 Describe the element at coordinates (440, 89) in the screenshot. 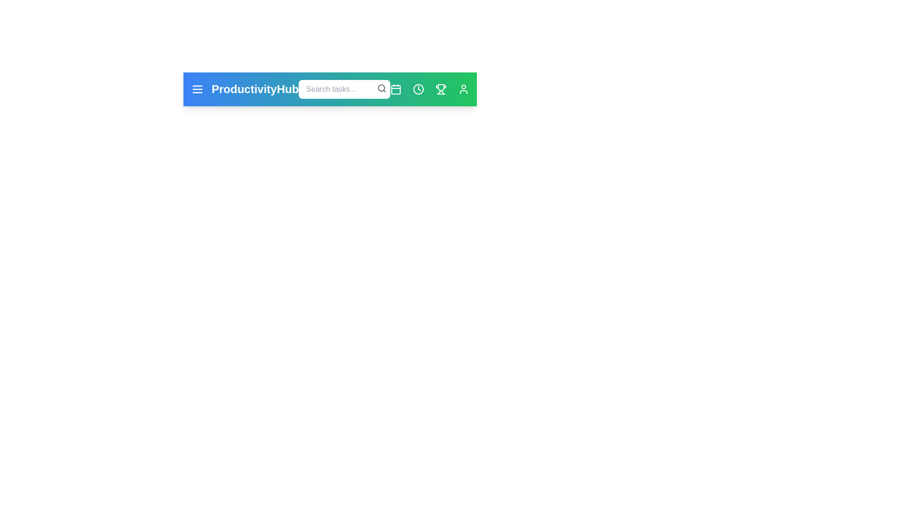

I see `the 'Achievements' icon to view achievements` at that location.